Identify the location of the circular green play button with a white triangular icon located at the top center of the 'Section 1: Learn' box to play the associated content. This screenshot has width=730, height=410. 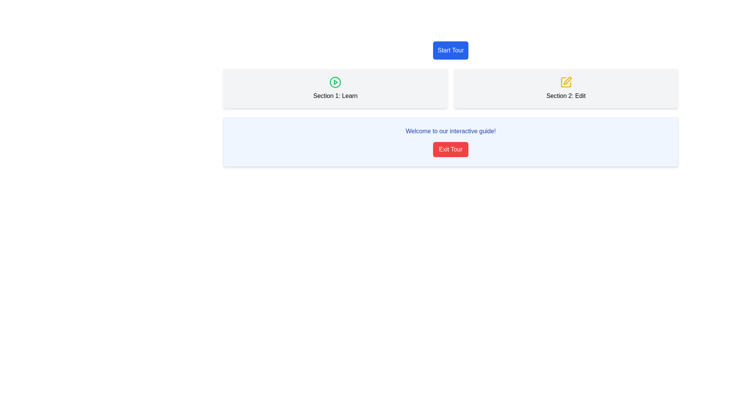
(335, 82).